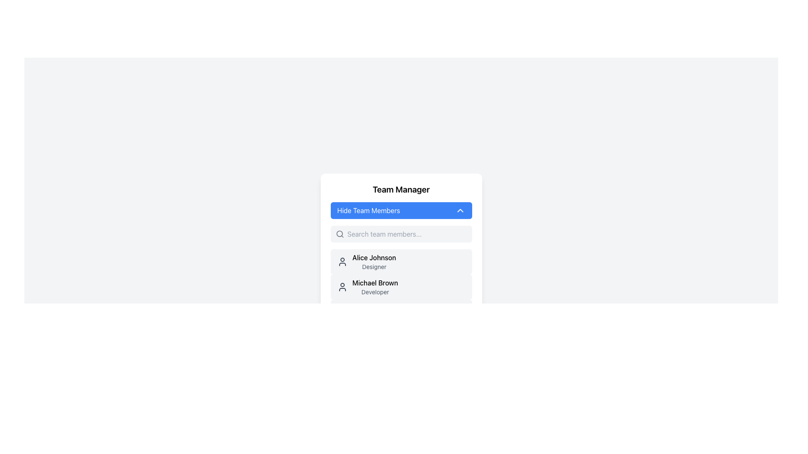  Describe the element at coordinates (460, 210) in the screenshot. I see `the upward-pointing chevron icon located to the right of the 'Hide Team Members' text` at that location.